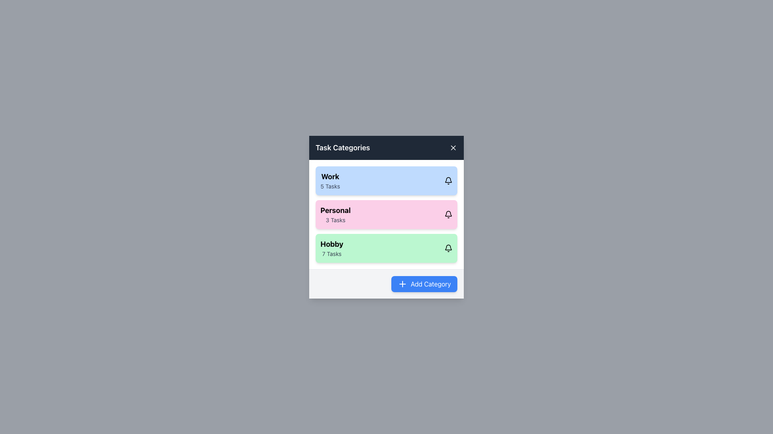 The width and height of the screenshot is (773, 434). Describe the element at coordinates (335, 210) in the screenshot. I see `the 'Personal' text label which serves as a title for the personal category, located centrally in a pink background, above '3 Tasks' and below 'Work'` at that location.